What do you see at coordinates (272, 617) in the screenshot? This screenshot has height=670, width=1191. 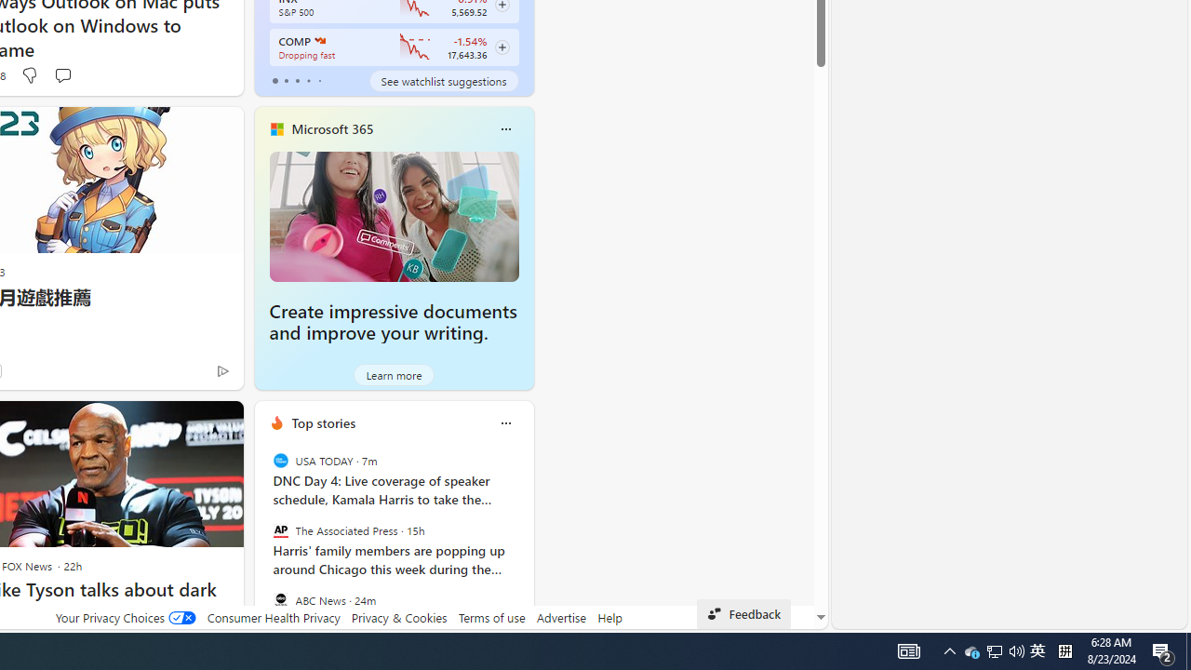 I see `'Consumer Health Privacy'` at bounding box center [272, 617].